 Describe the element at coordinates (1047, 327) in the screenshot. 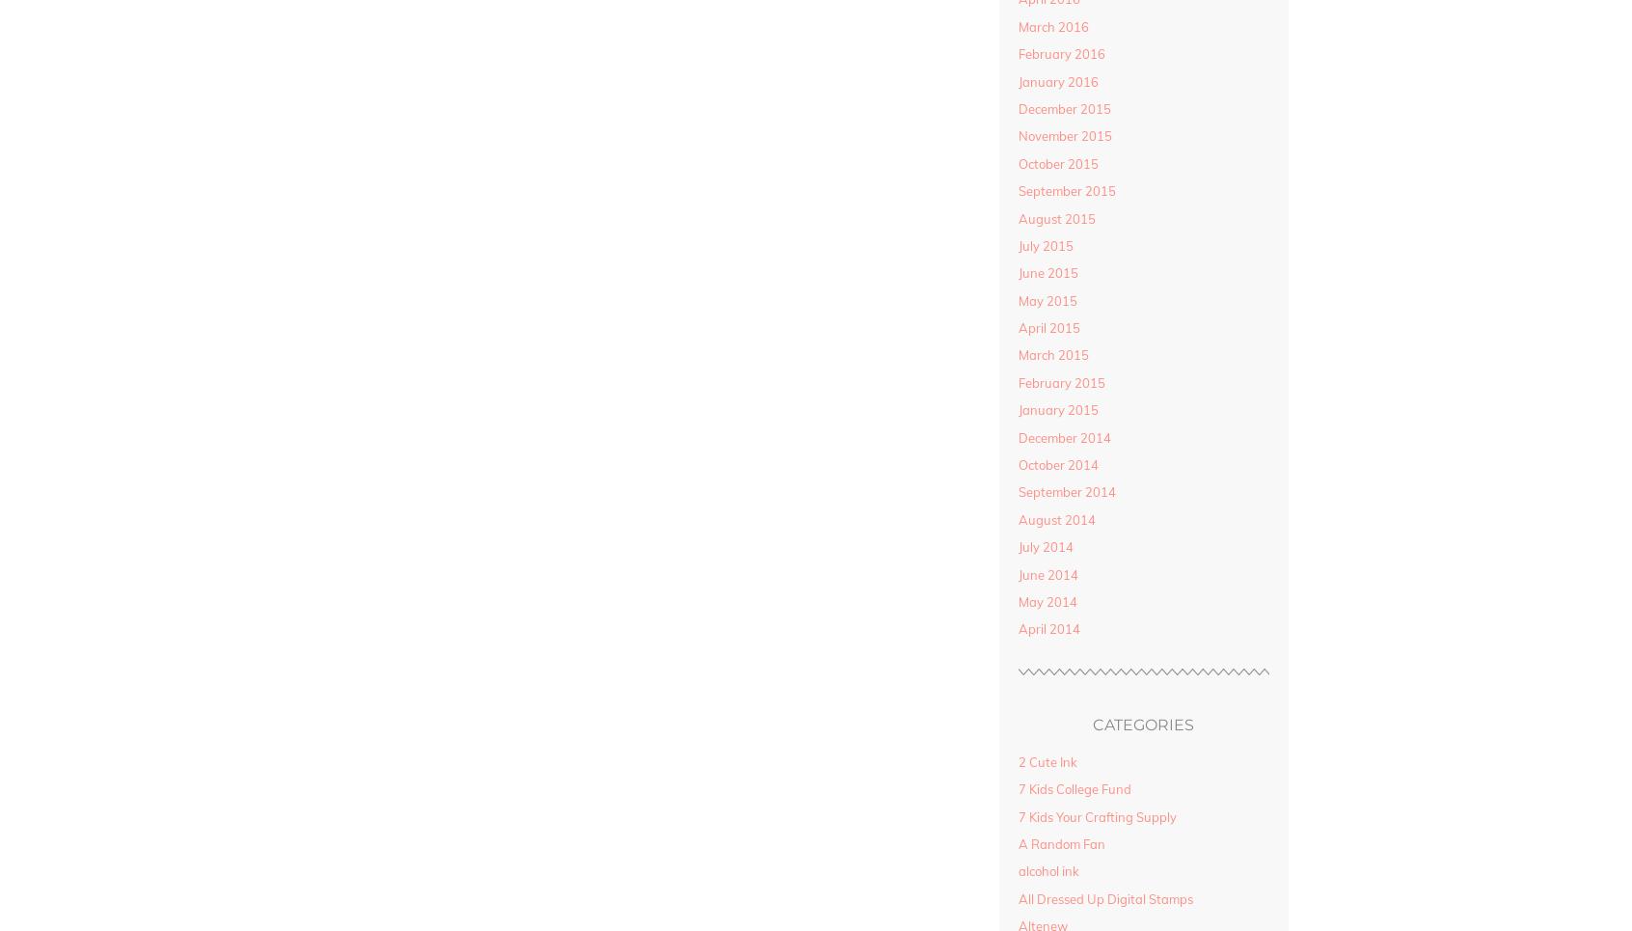

I see `'April 2015'` at that location.